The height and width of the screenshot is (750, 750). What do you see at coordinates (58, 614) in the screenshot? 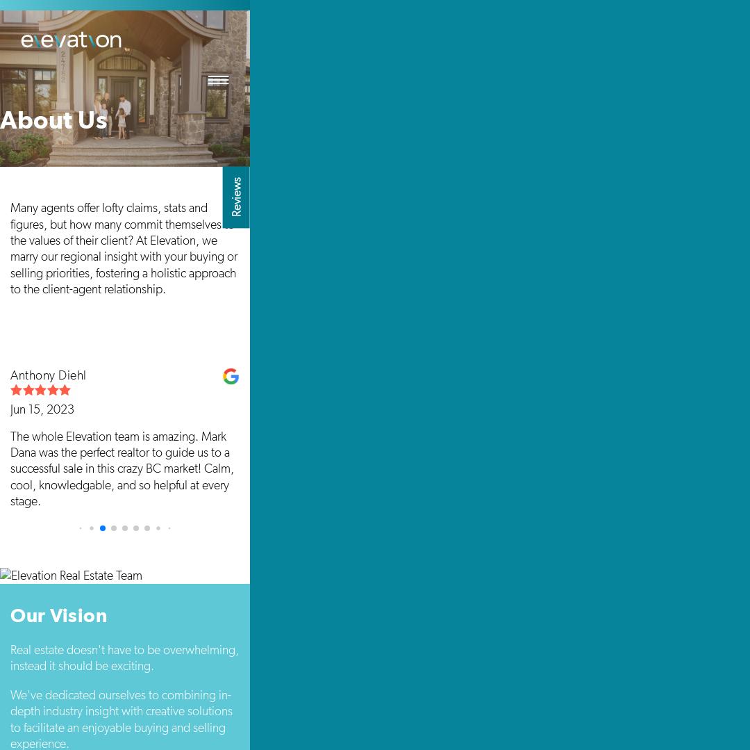
I see `'Our Vision'` at bounding box center [58, 614].